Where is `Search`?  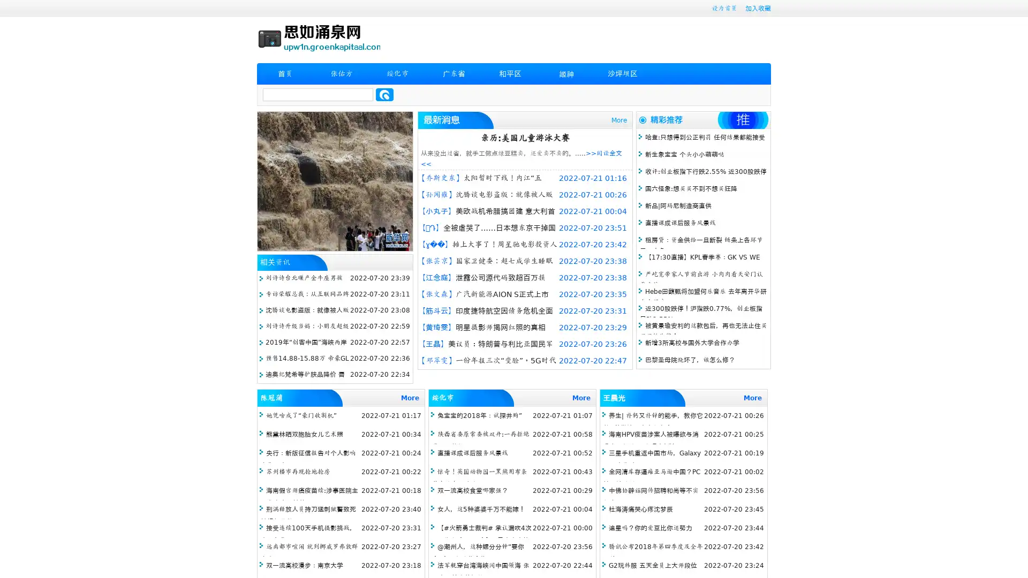
Search is located at coordinates (384, 94).